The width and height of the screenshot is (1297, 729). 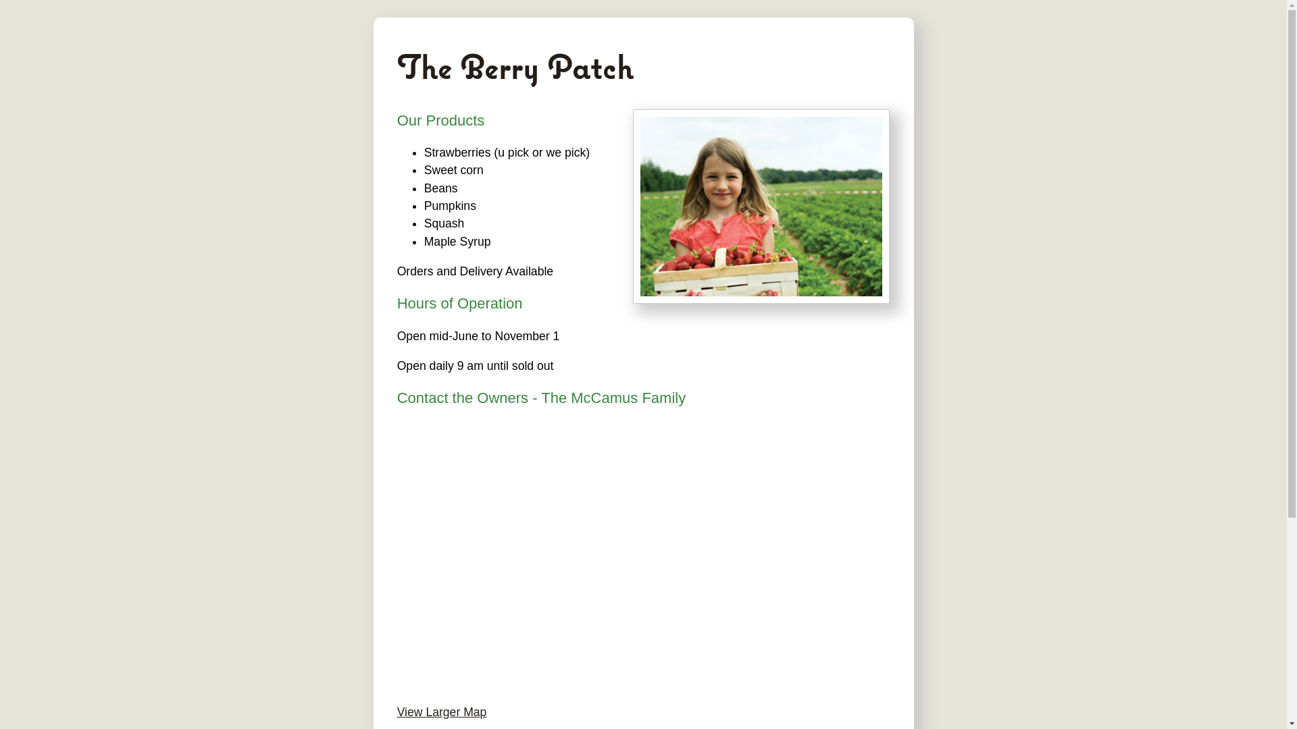 I want to click on 'View Larger Map', so click(x=442, y=711).